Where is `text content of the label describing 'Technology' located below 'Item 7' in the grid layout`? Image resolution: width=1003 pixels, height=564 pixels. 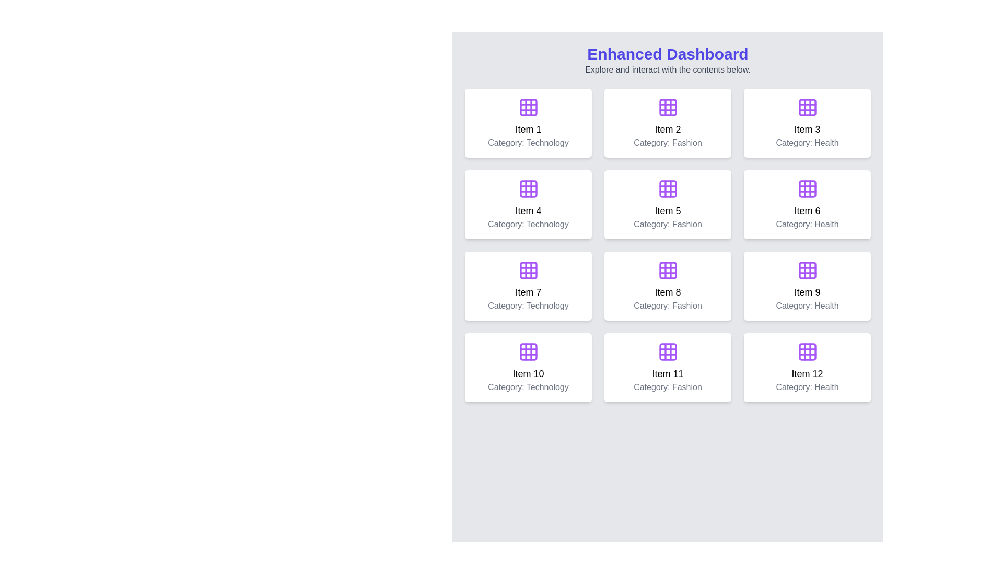 text content of the label describing 'Technology' located below 'Item 7' in the grid layout is located at coordinates (528, 305).